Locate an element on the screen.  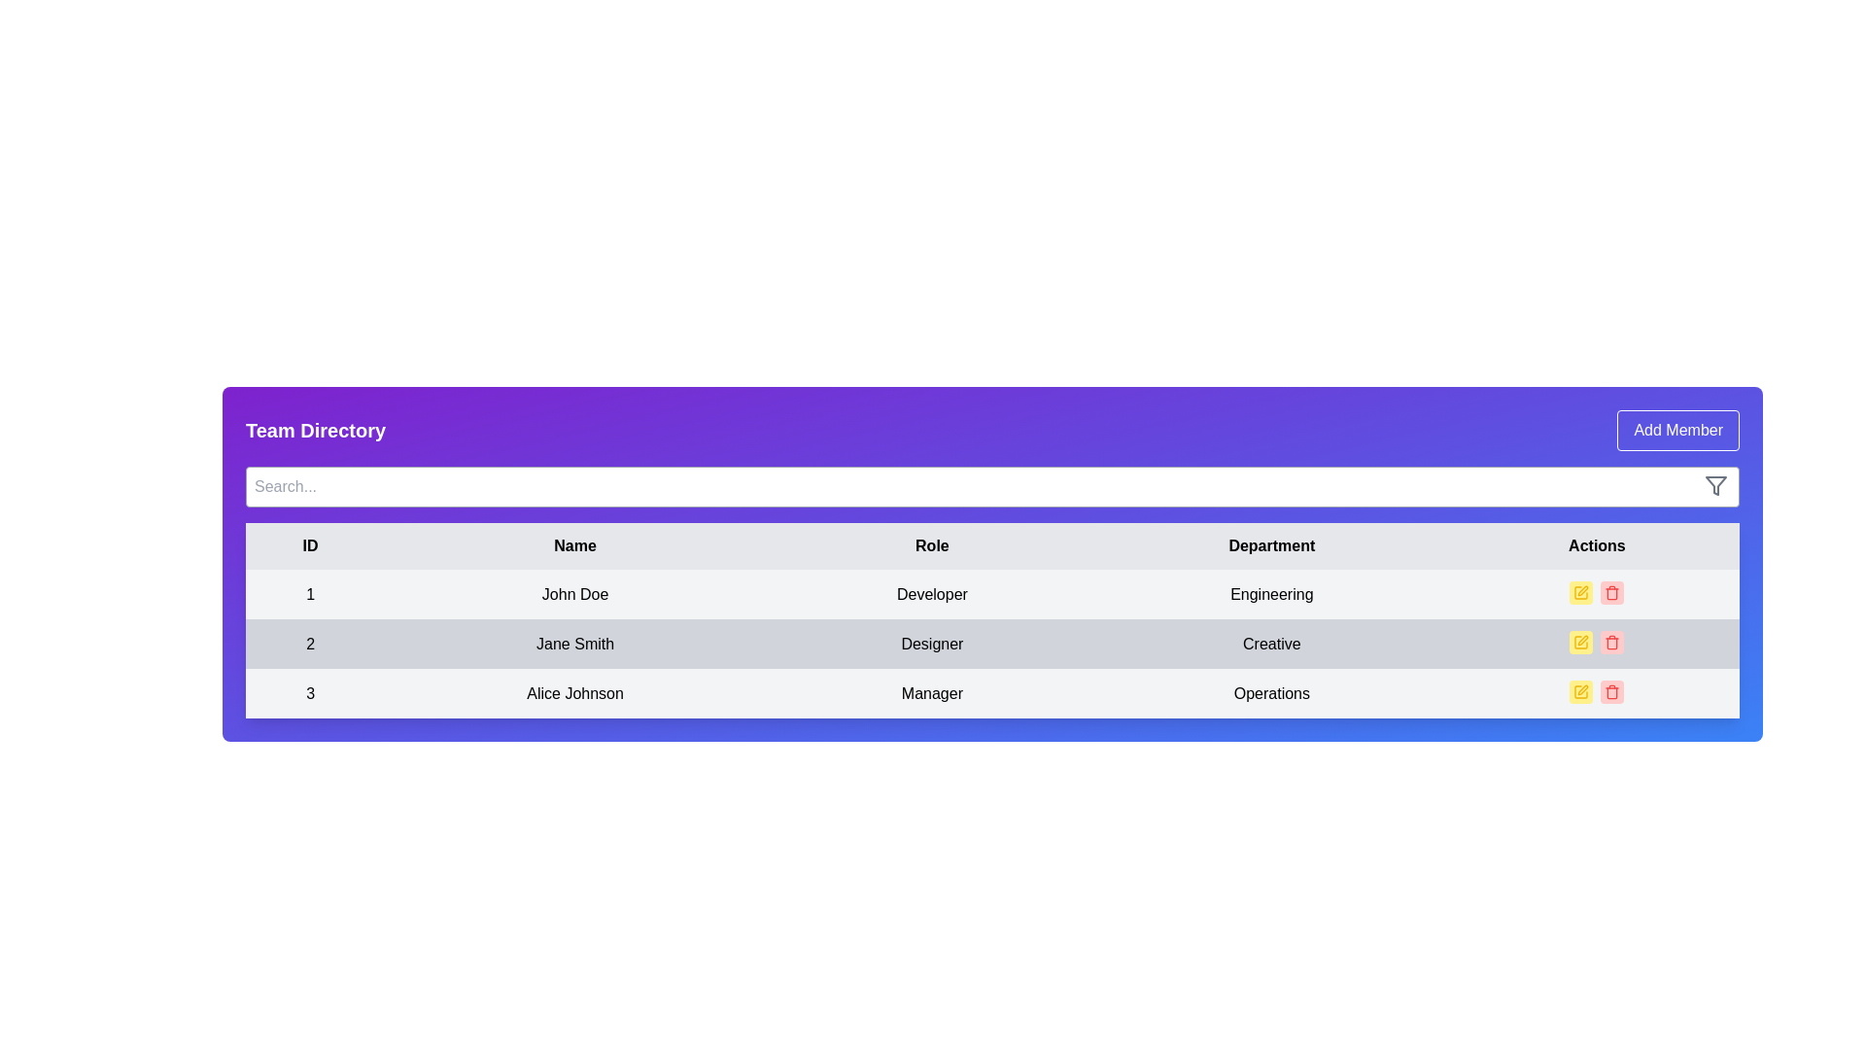
the 'Name' text label, which is a bold black text on a light gray background, located in the header row of a table between the 'ID' and 'Role' labels is located at coordinates (574, 546).